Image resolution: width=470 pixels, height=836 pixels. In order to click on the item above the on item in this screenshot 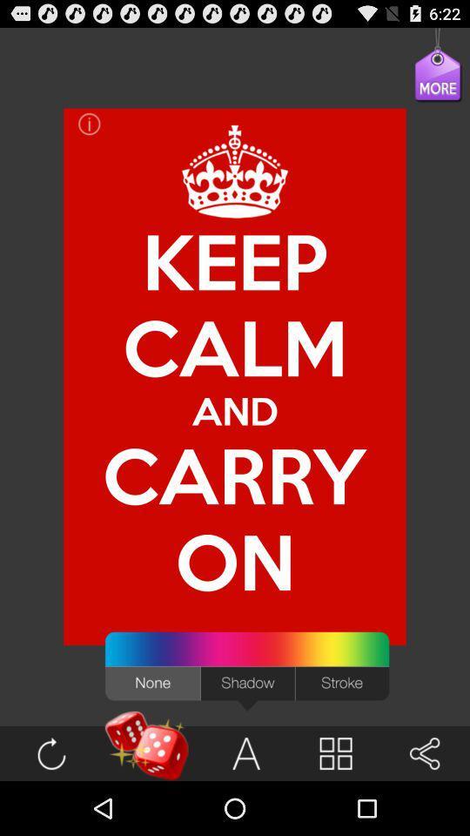, I will do `click(235, 410)`.